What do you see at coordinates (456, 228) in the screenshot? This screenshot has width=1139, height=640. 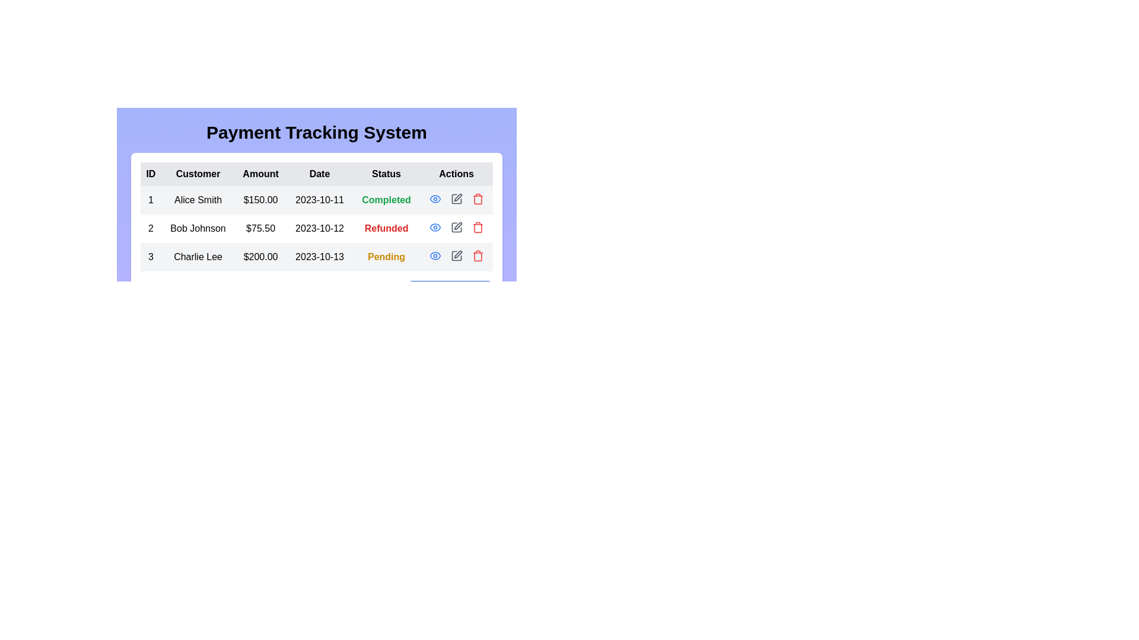 I see `the edit icon represented by a pen or pencil inside a gray square frame, located in the 'Actions' column of the second row of the table` at bounding box center [456, 228].